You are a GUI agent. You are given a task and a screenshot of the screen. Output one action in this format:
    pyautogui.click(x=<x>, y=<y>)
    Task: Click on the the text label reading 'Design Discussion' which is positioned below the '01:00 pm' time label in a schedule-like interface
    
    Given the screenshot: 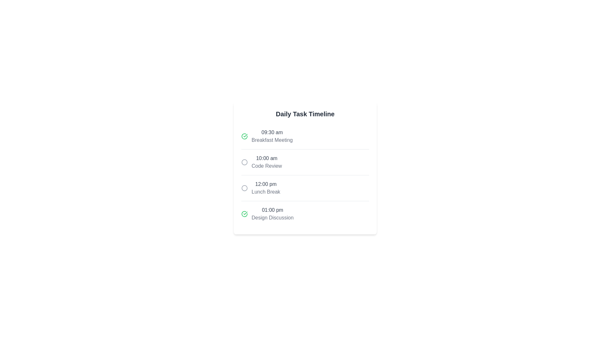 What is the action you would take?
    pyautogui.click(x=272, y=218)
    